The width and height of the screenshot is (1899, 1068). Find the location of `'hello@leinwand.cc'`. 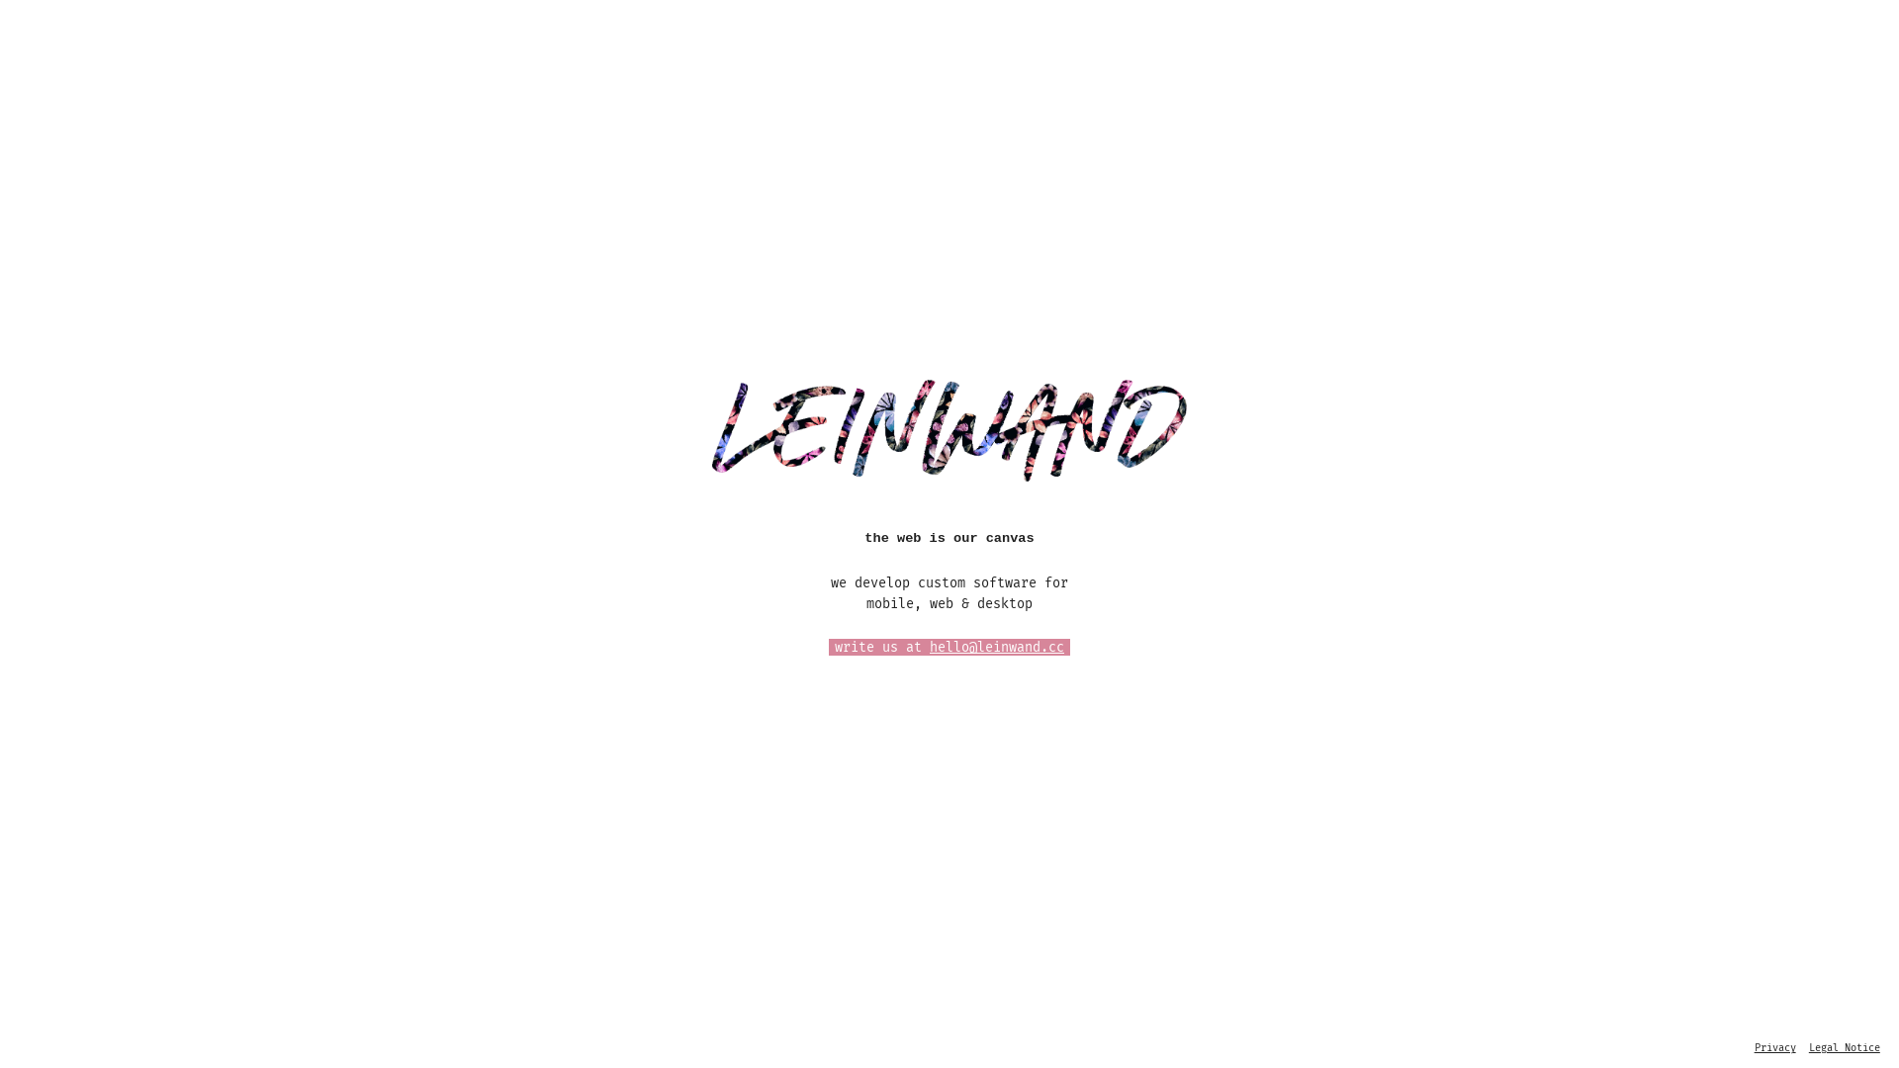

'hello@leinwand.cc' is located at coordinates (997, 647).